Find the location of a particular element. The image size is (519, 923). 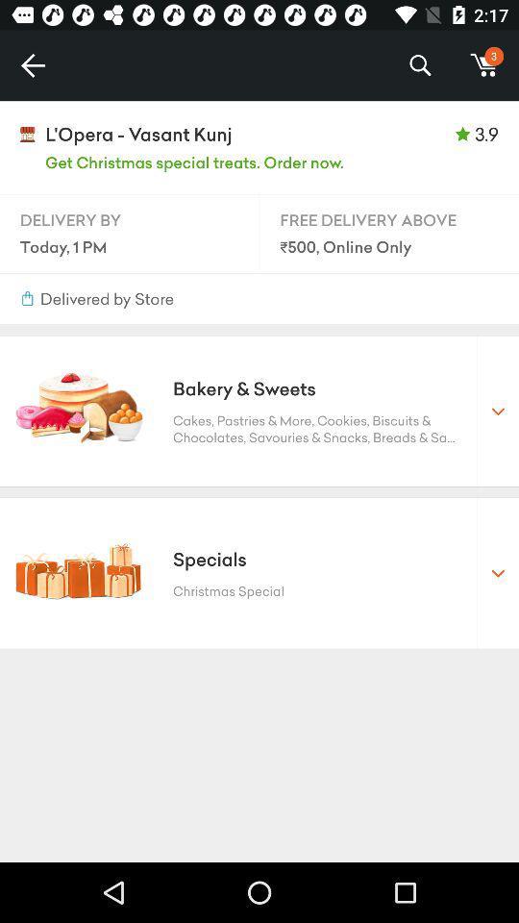

% icon is located at coordinates (419, 65).